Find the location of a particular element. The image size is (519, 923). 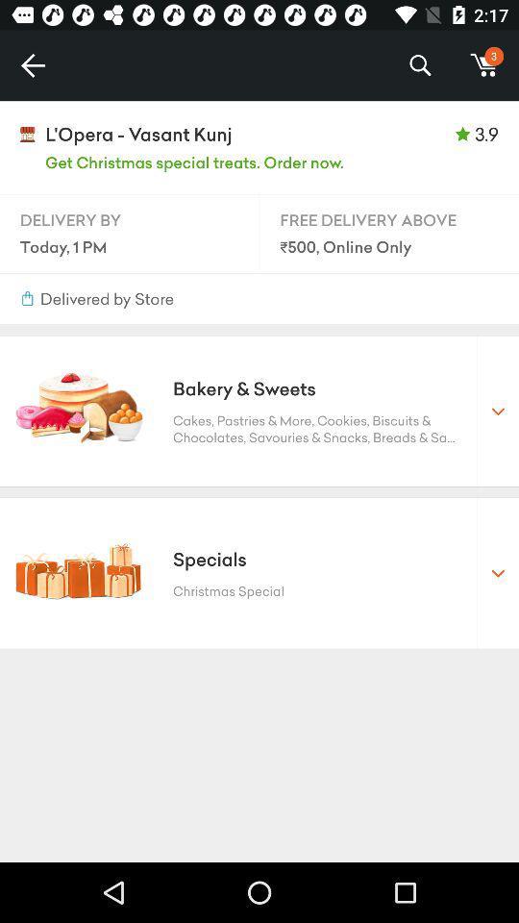

% icon is located at coordinates (419, 65).